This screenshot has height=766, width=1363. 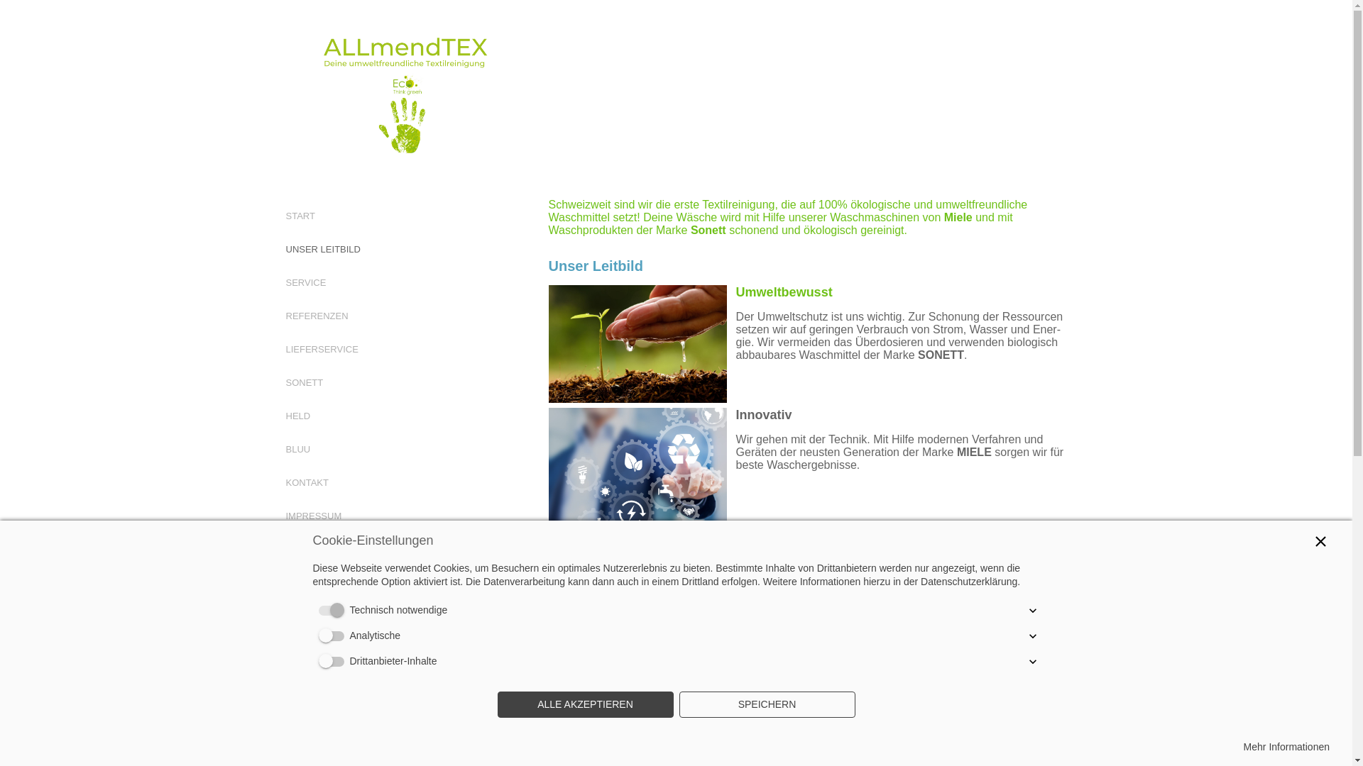 I want to click on 'HELD', so click(x=285, y=415).